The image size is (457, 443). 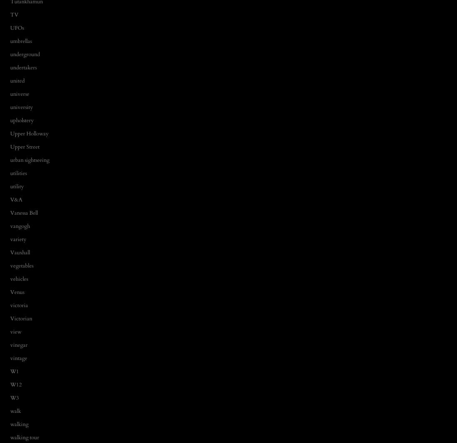 What do you see at coordinates (21, 119) in the screenshot?
I see `'upholstery'` at bounding box center [21, 119].